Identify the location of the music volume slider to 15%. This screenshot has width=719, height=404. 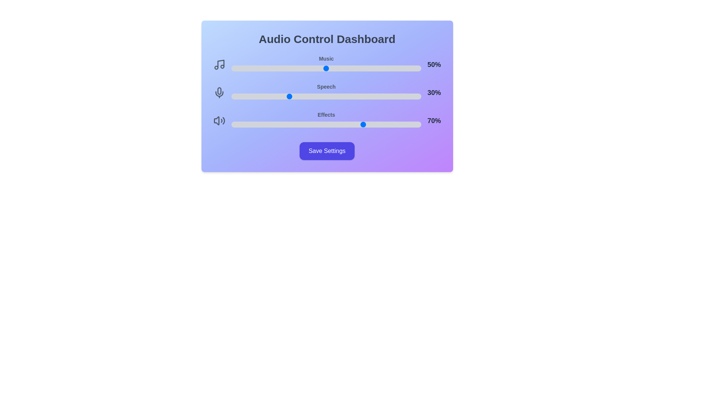
(260, 68).